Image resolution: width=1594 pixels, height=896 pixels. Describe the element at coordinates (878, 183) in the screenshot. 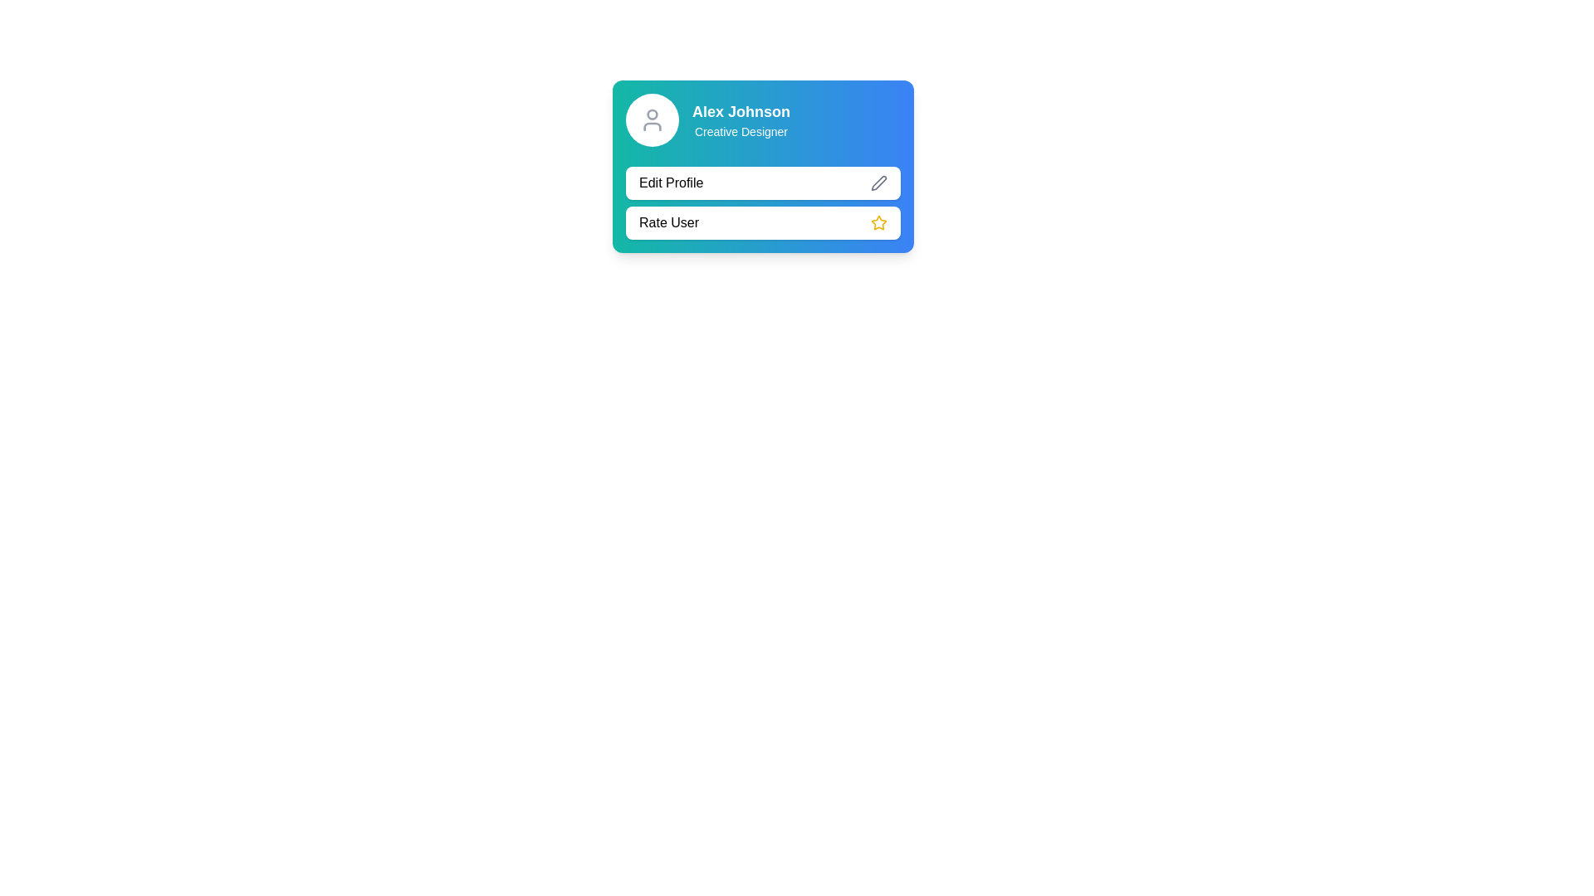

I see `the edit profile icon located at the far-right end of the 'Edit Profile' button, adjacent to the text 'Edit Profile'` at that location.